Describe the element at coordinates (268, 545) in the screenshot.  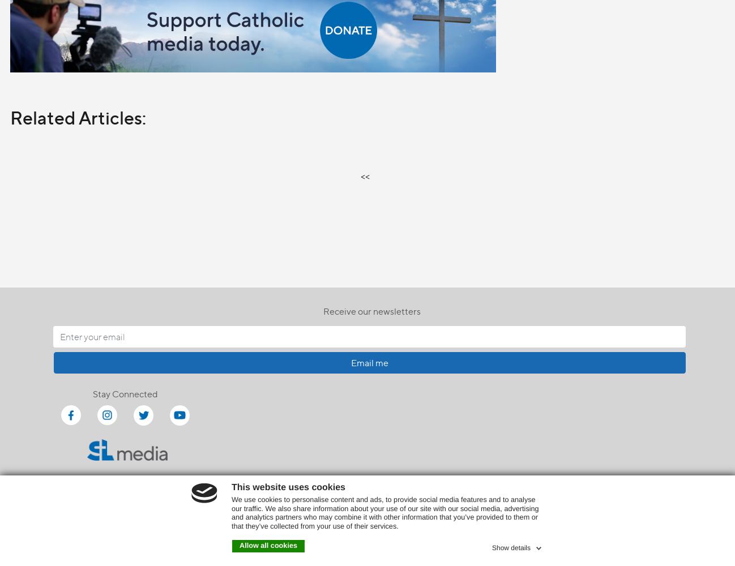
I see `'Allow all cookies'` at that location.